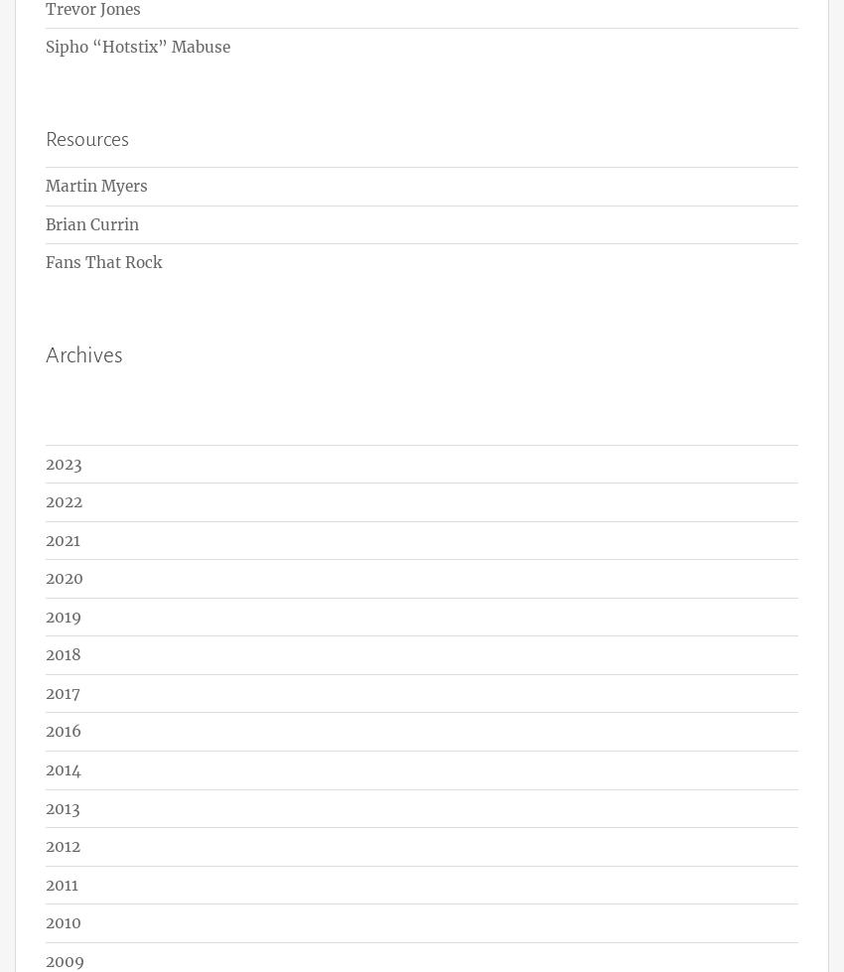 The width and height of the screenshot is (844, 972). What do you see at coordinates (45, 959) in the screenshot?
I see `'2009'` at bounding box center [45, 959].